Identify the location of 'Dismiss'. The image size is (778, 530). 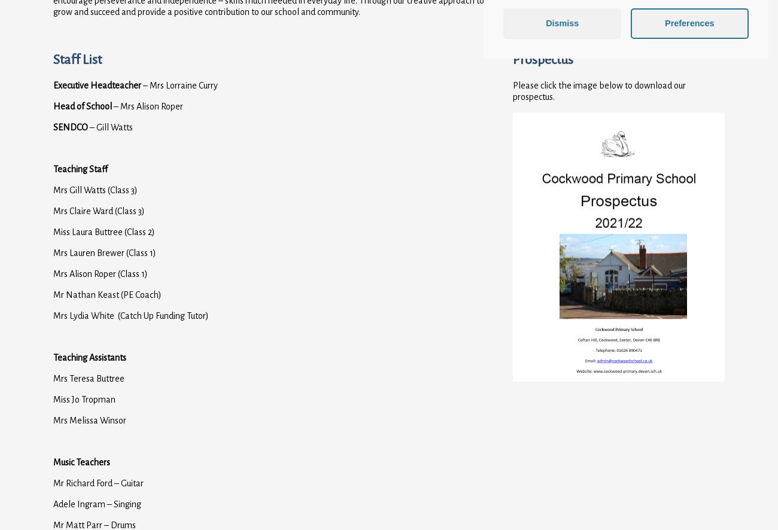
(545, 23).